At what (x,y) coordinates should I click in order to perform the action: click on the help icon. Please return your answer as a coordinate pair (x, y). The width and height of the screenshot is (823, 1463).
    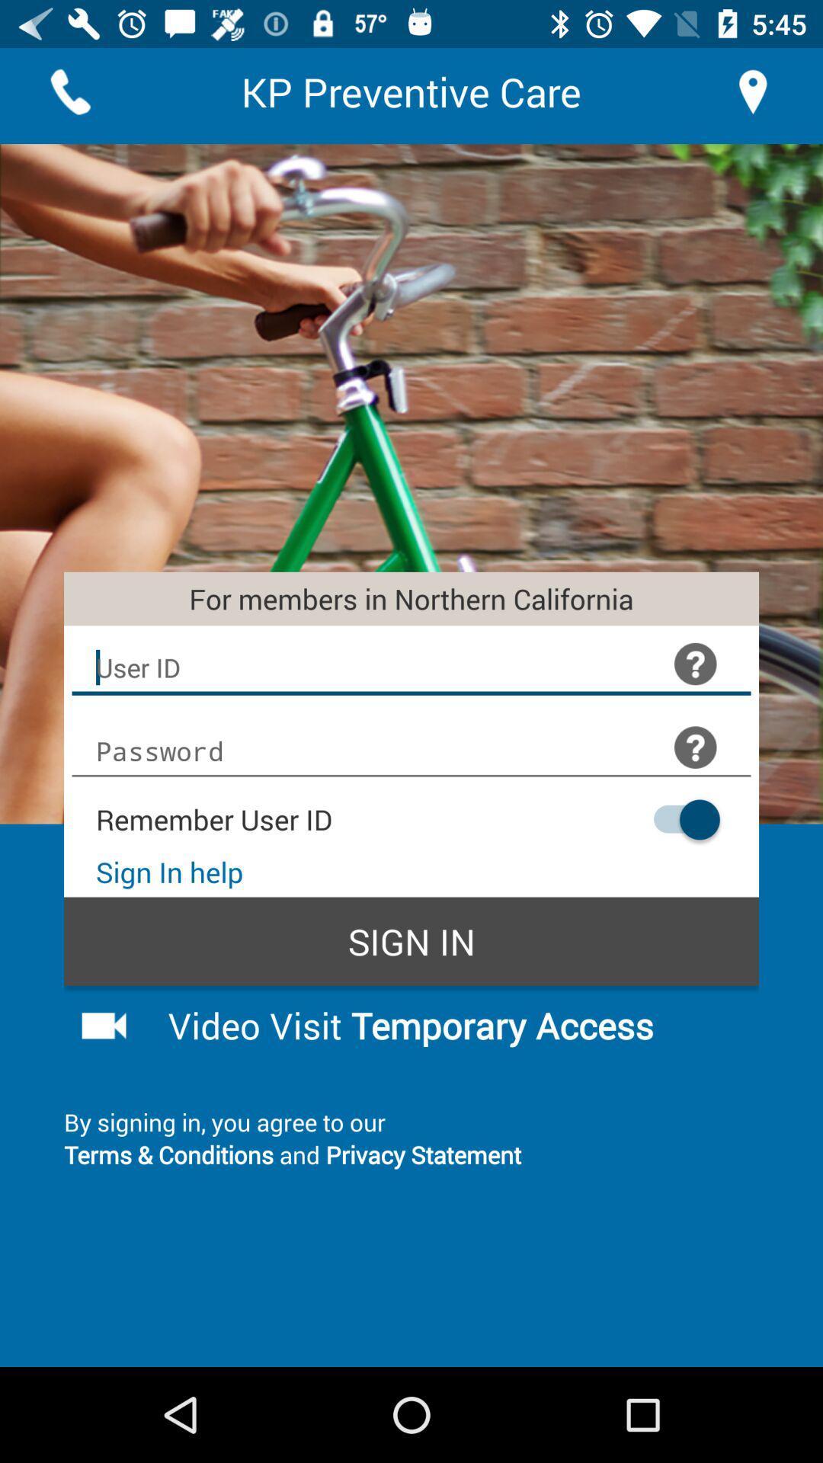
    Looking at the image, I should click on (700, 751).